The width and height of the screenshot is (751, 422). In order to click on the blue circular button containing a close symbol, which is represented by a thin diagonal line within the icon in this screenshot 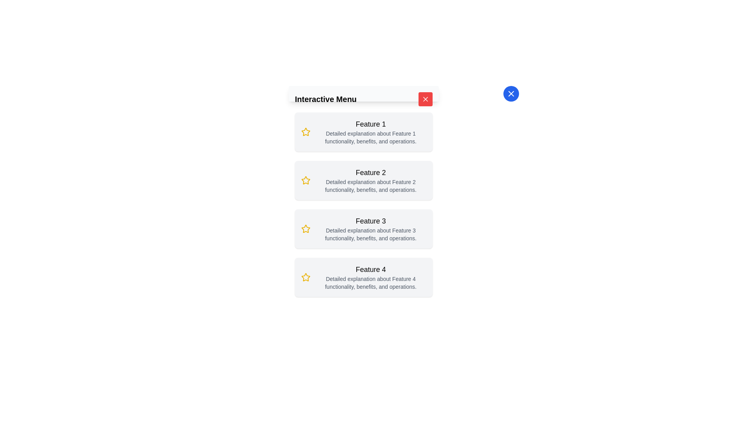, I will do `click(425, 99)`.